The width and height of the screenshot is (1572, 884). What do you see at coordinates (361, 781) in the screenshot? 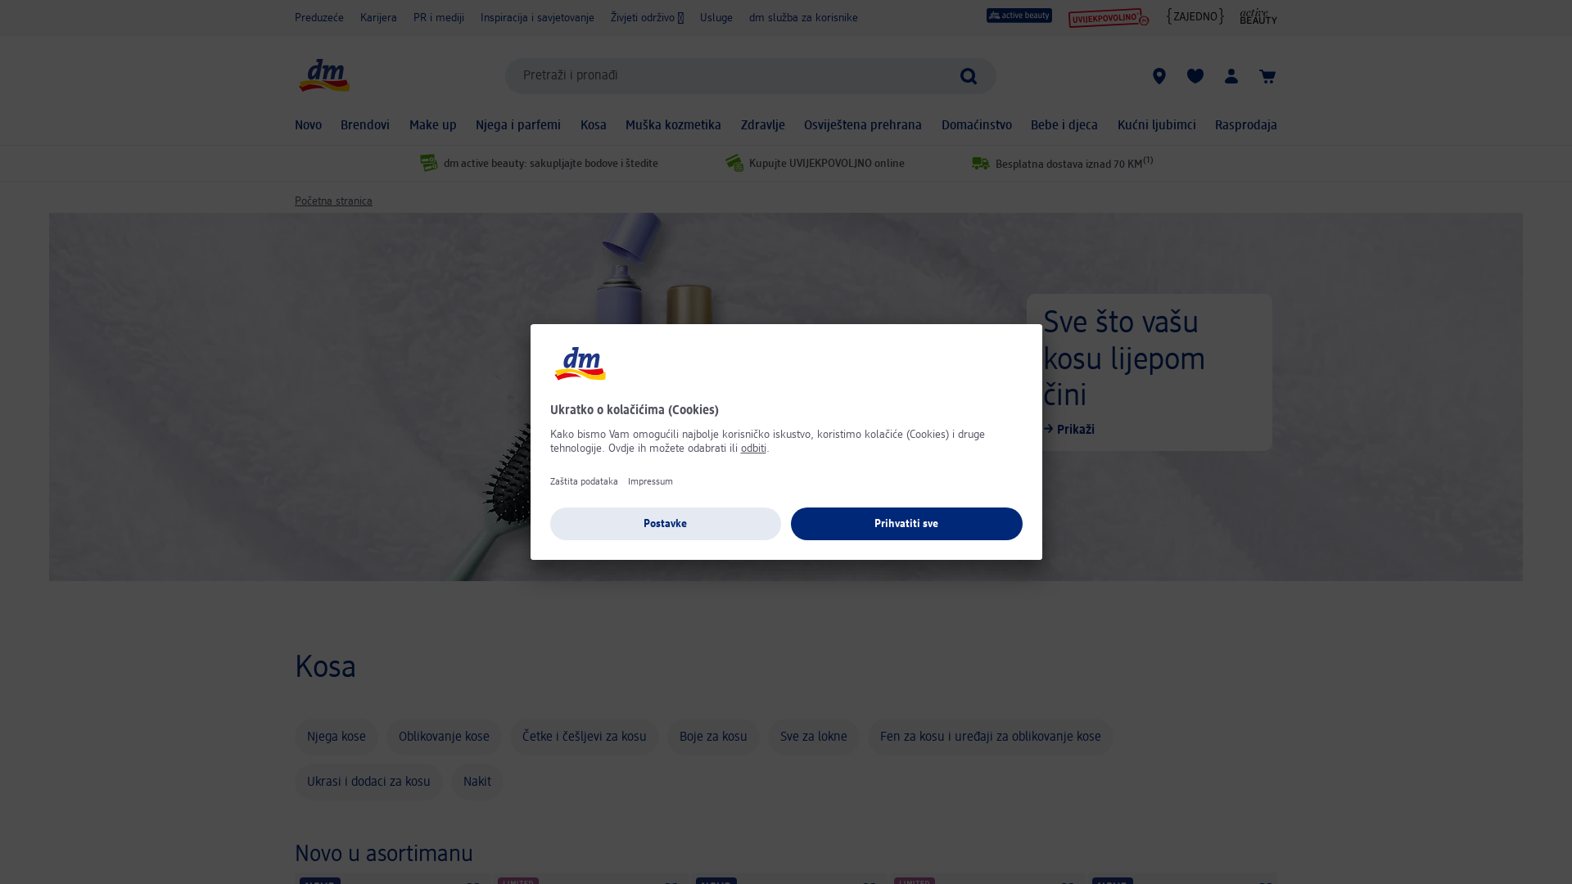
I see `'Ukrasi i dodaci za kosu'` at bounding box center [361, 781].